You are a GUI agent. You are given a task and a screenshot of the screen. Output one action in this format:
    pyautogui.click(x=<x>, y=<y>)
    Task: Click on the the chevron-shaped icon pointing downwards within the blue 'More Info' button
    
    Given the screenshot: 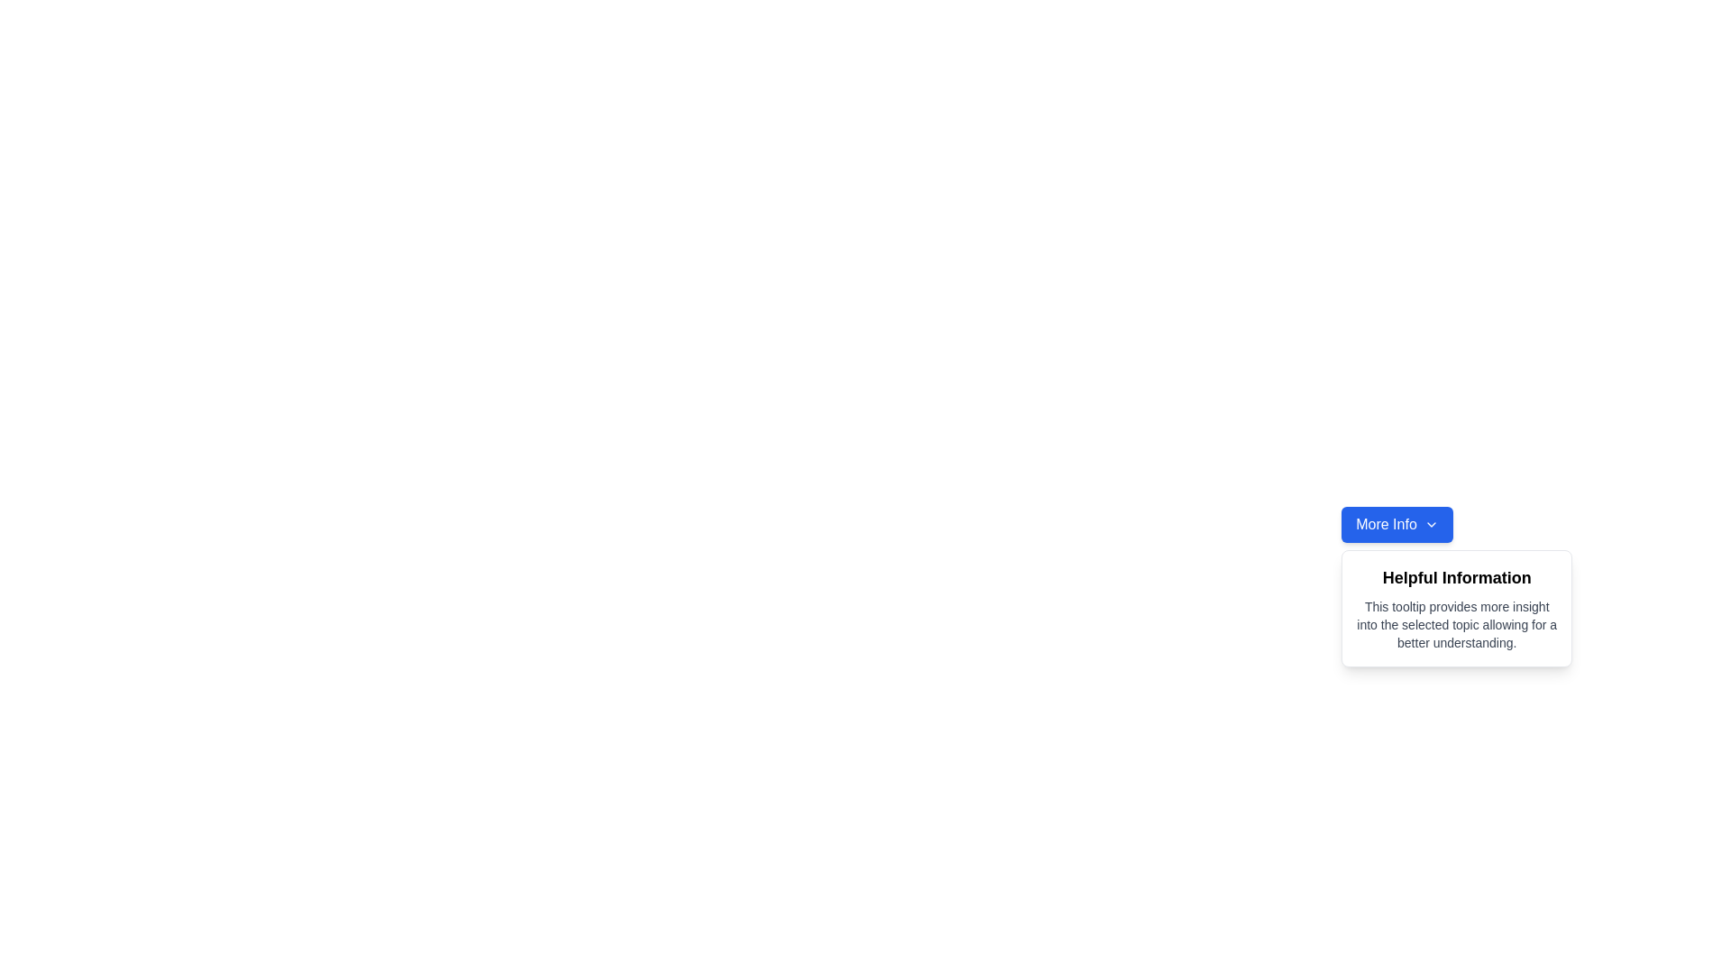 What is the action you would take?
    pyautogui.click(x=1430, y=525)
    